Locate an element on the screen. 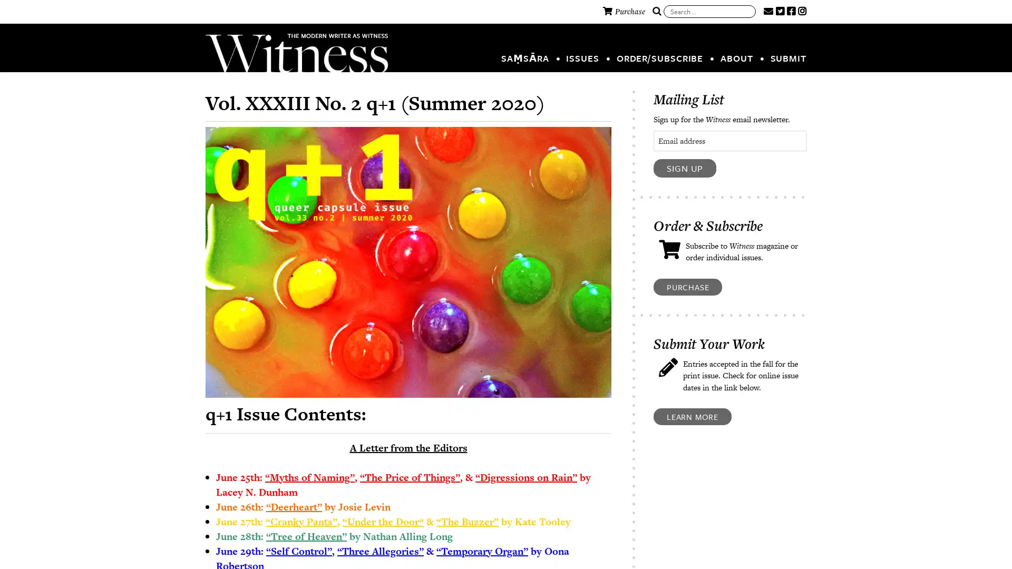 The image size is (1012, 569). Sign Up is located at coordinates (685, 168).